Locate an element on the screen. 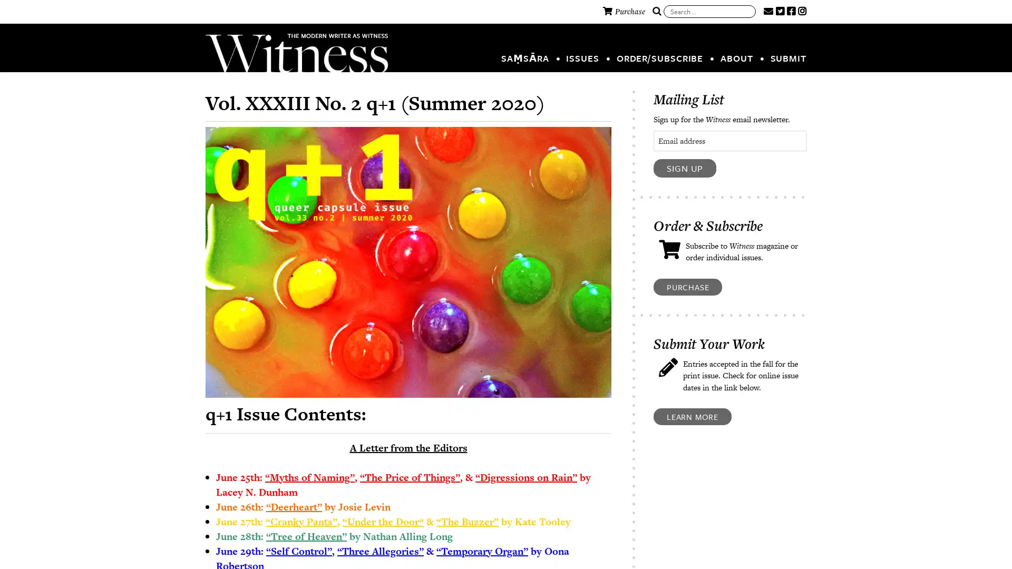 The image size is (1012, 569). Sign Up is located at coordinates (685, 168).